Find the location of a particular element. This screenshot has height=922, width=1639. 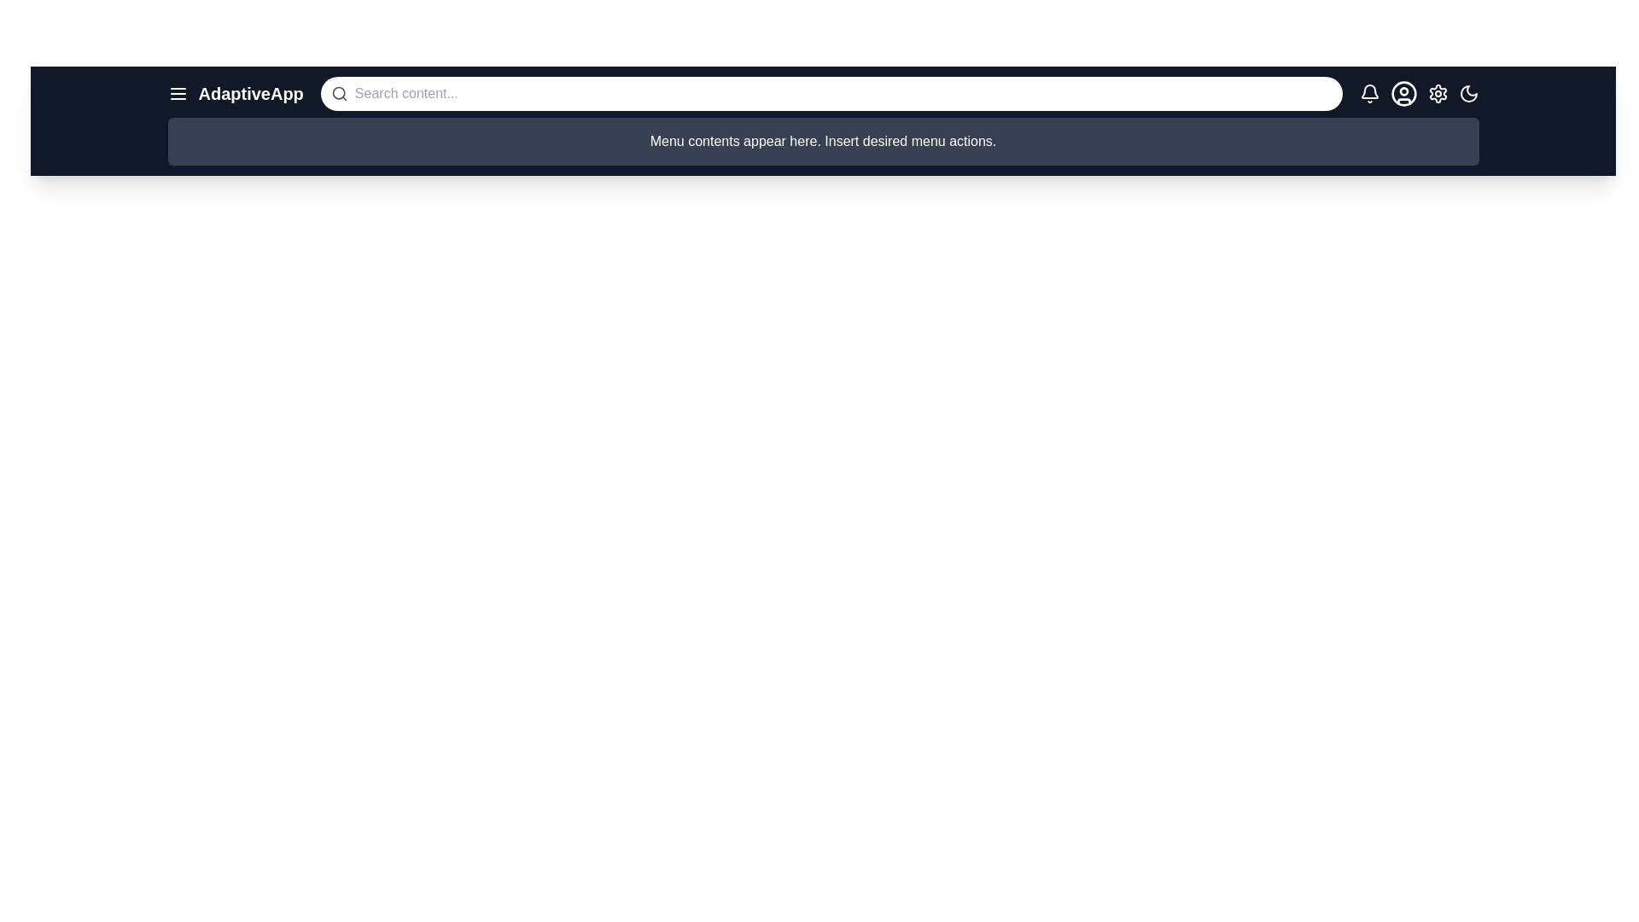

the dark mode toggle button to switch between dark and light modes is located at coordinates (1467, 94).